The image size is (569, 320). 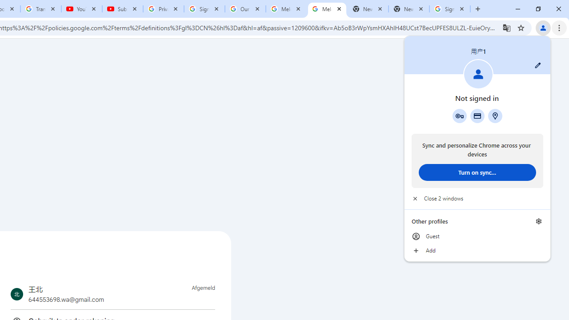 I want to click on 'Subscriptions - YouTube', so click(x=122, y=9).